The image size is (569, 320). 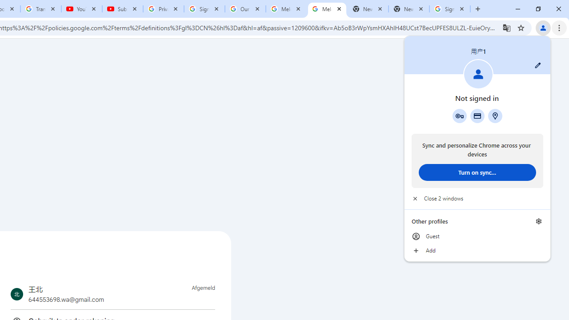 I want to click on 'Subscriptions - YouTube', so click(x=122, y=9).